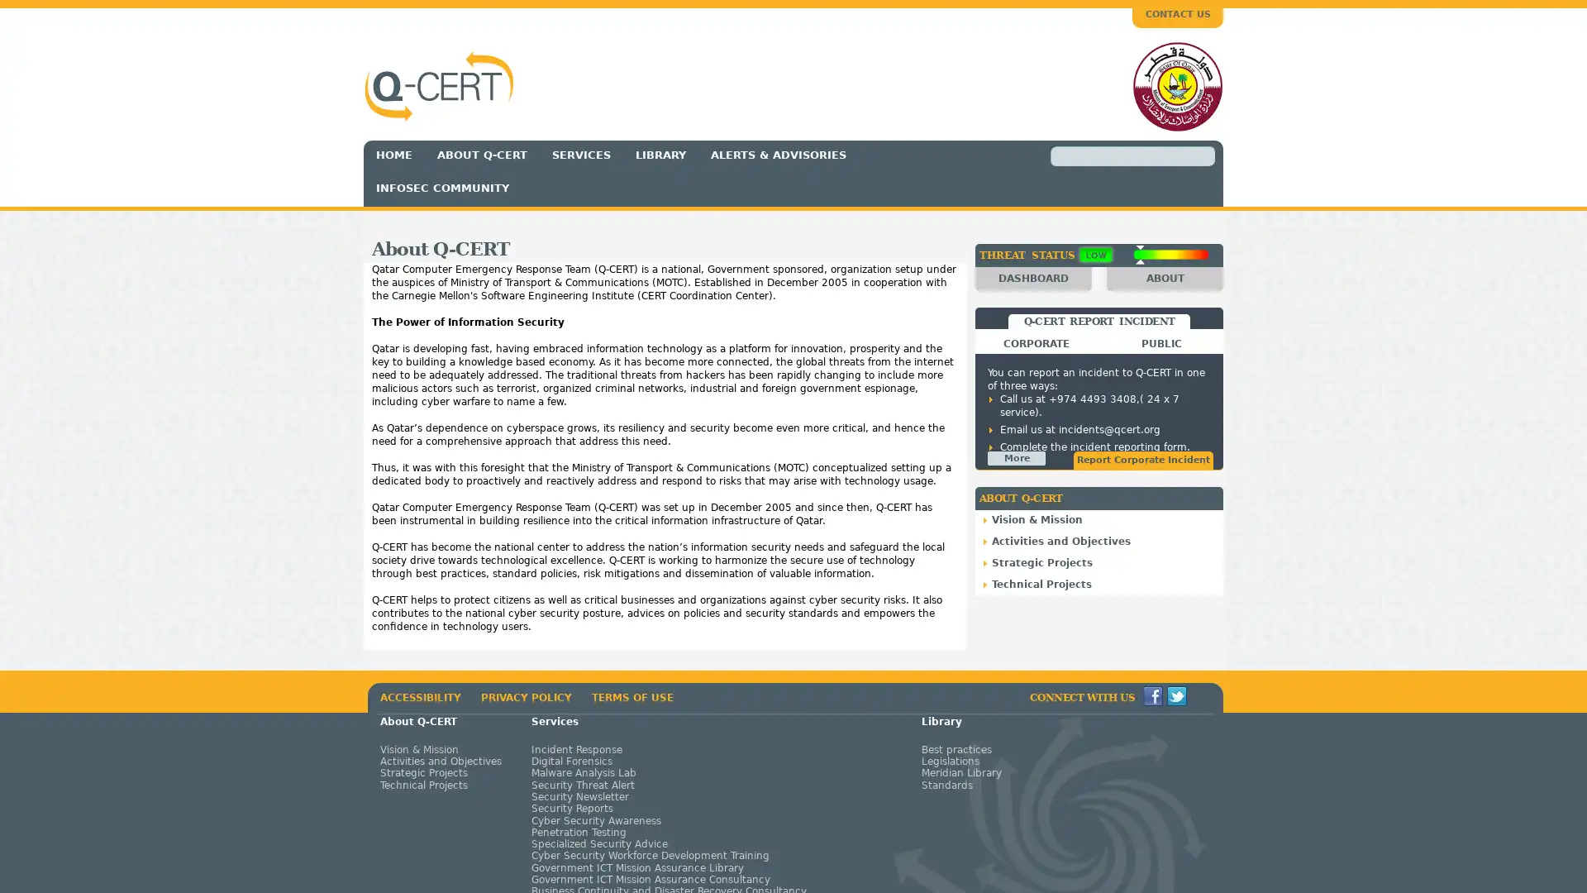 The height and width of the screenshot is (893, 1587). I want to click on Search, so click(1071, 156).